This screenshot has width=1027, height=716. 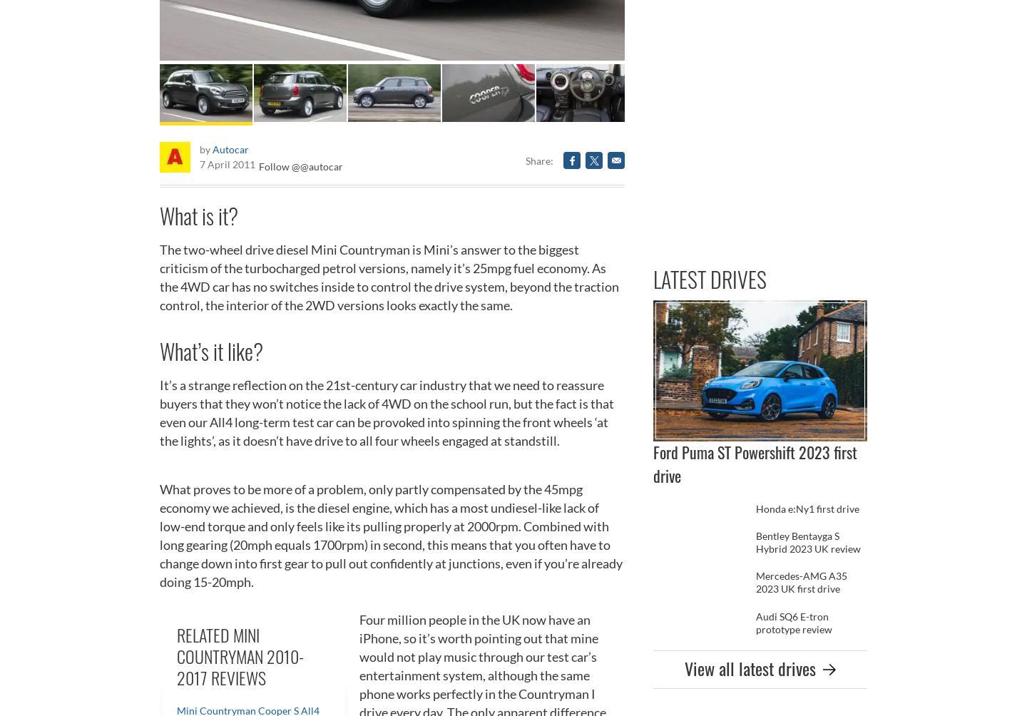 What do you see at coordinates (387, 412) in the screenshot?
I see `'It’s a strange reflection on the 21st-century car industry that we need to reassure buyers that they won’t notice the lack of 4WD on the school run, but the fact is that even our All4 long-term test car can be provoked into spinning the front wheels ‘at the lights’, as it doesn’t have drive to all four wheels engaged at standstill.'` at bounding box center [387, 412].